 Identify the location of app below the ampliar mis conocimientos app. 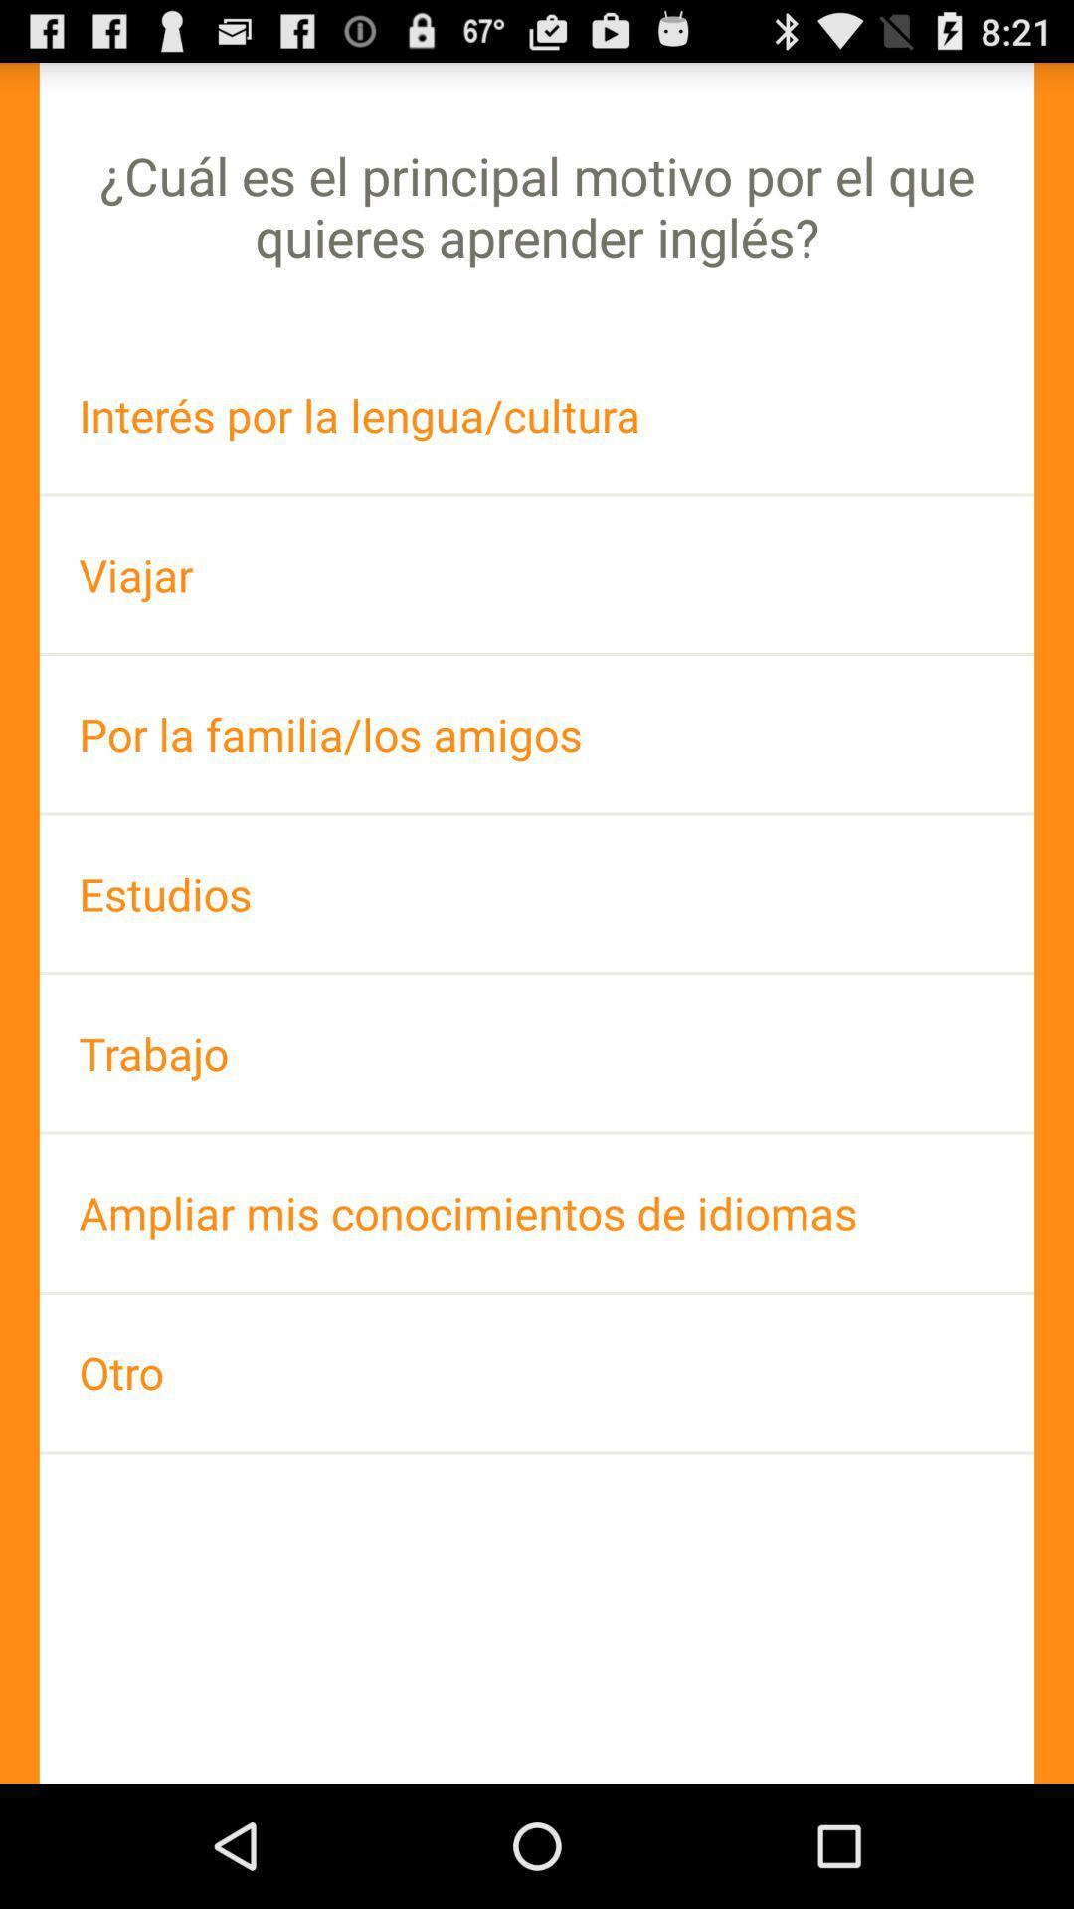
(537, 1371).